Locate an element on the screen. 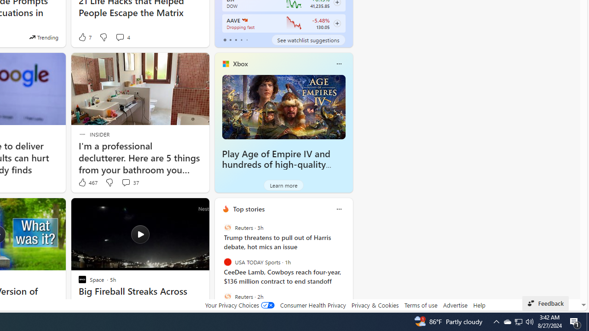 The height and width of the screenshot is (331, 589). 'This story is trending' is located at coordinates (43, 37).